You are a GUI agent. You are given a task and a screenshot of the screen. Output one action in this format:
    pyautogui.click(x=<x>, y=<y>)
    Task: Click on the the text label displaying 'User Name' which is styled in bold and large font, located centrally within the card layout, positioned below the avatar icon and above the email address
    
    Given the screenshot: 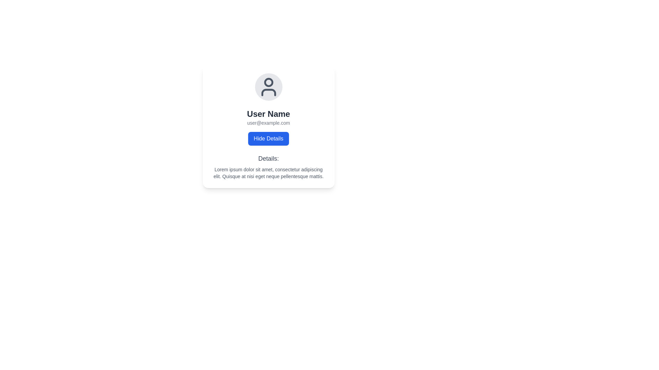 What is the action you would take?
    pyautogui.click(x=268, y=113)
    